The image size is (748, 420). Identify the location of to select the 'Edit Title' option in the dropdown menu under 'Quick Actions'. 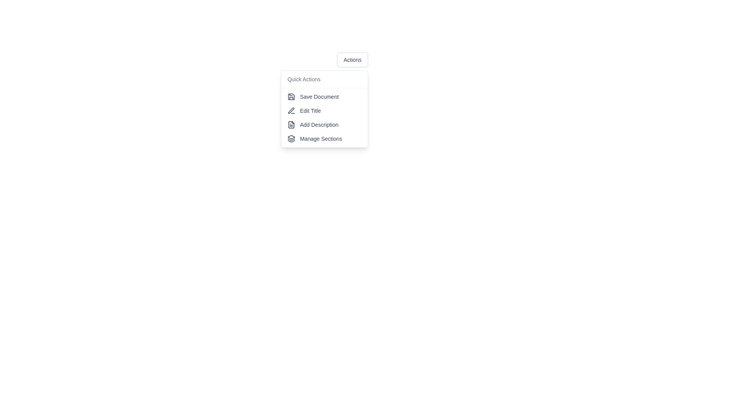
(324, 117).